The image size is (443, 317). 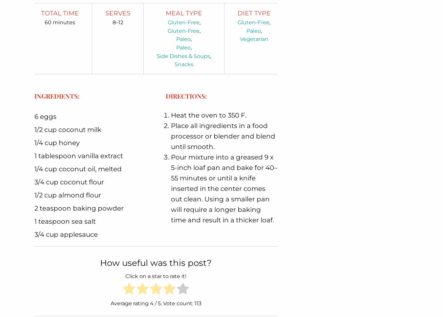 What do you see at coordinates (151, 303) in the screenshot?
I see `'4'` at bounding box center [151, 303].